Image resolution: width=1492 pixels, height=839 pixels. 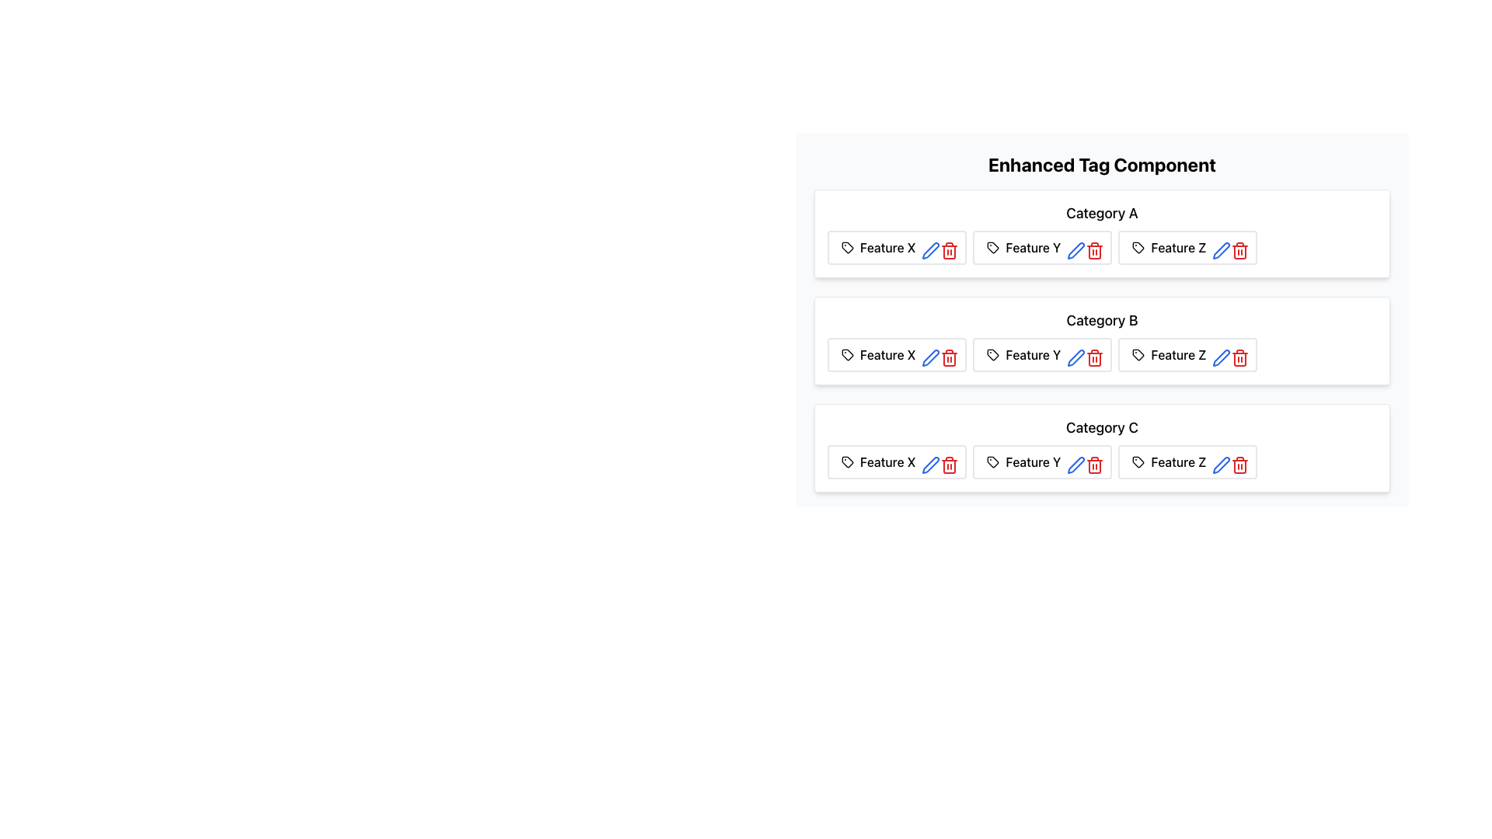 What do you see at coordinates (1220, 250) in the screenshot?
I see `the blue pen-shaped icon used as the editing tool for 'Feature Z' in the 'Category A' section of the 'Enhanced Tag Component' layout` at bounding box center [1220, 250].